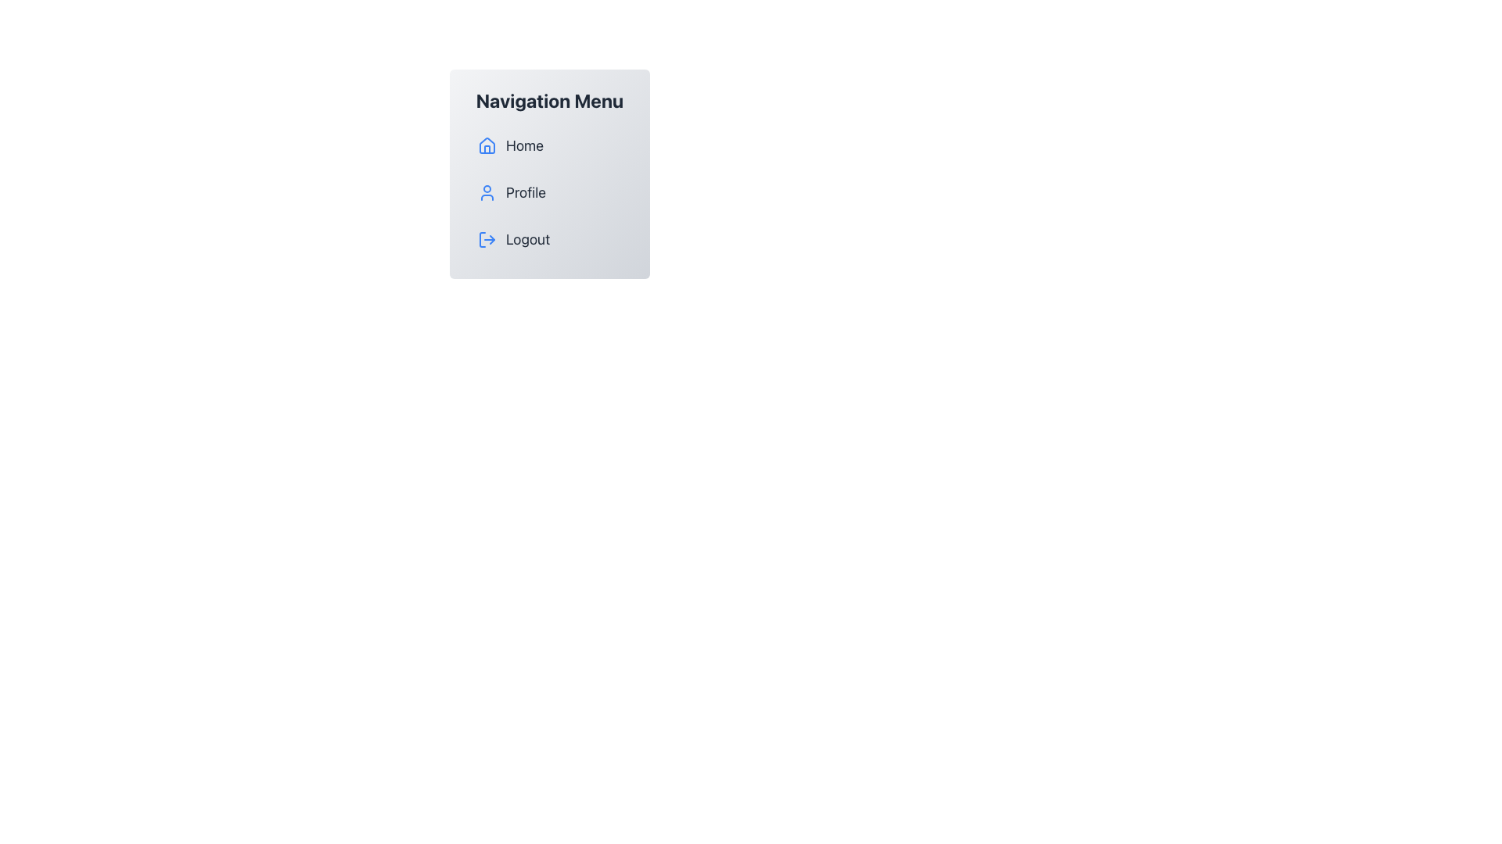 Image resolution: width=1502 pixels, height=844 pixels. Describe the element at coordinates (549, 145) in the screenshot. I see `the 'Home' button at the top of the navigation menu` at that location.